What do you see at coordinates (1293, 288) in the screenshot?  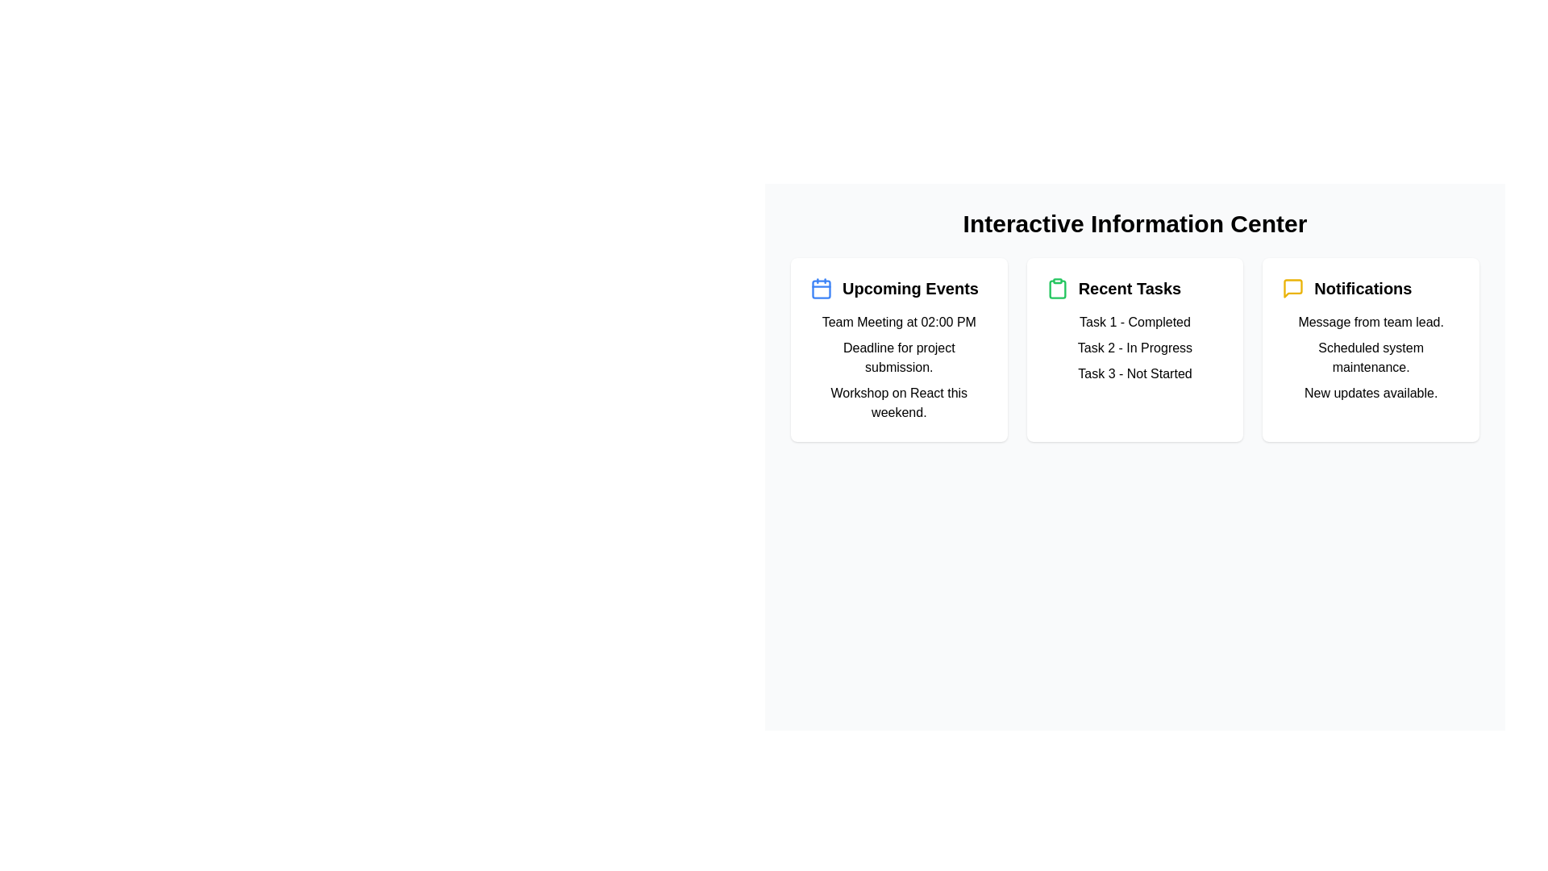 I see `the yellow message bubble icon located to the left of the text 'Notifications'` at bounding box center [1293, 288].